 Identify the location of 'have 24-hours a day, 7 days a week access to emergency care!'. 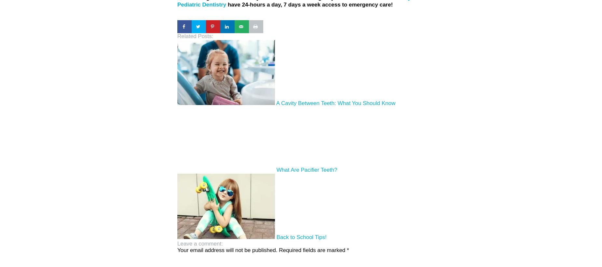
(226, 4).